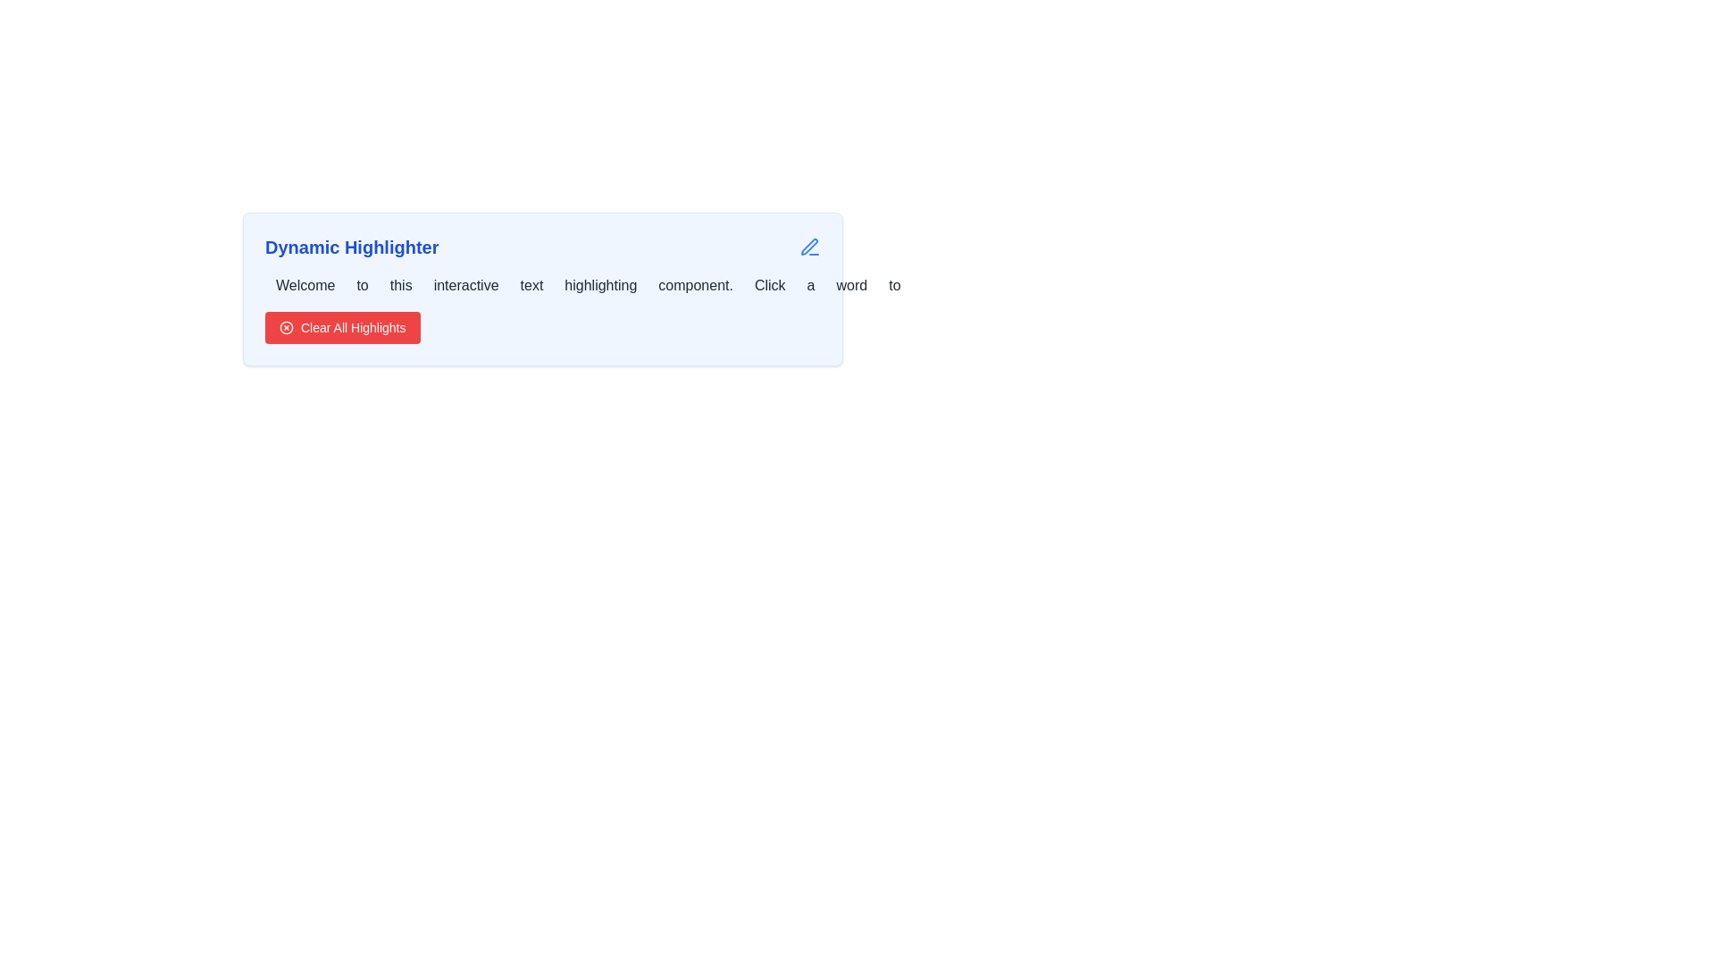 This screenshot has height=965, width=1715. What do you see at coordinates (362, 284) in the screenshot?
I see `the second word in the clickable word-based highlighting interface, which appears immediately after 'Welcome' and before 'this'` at bounding box center [362, 284].